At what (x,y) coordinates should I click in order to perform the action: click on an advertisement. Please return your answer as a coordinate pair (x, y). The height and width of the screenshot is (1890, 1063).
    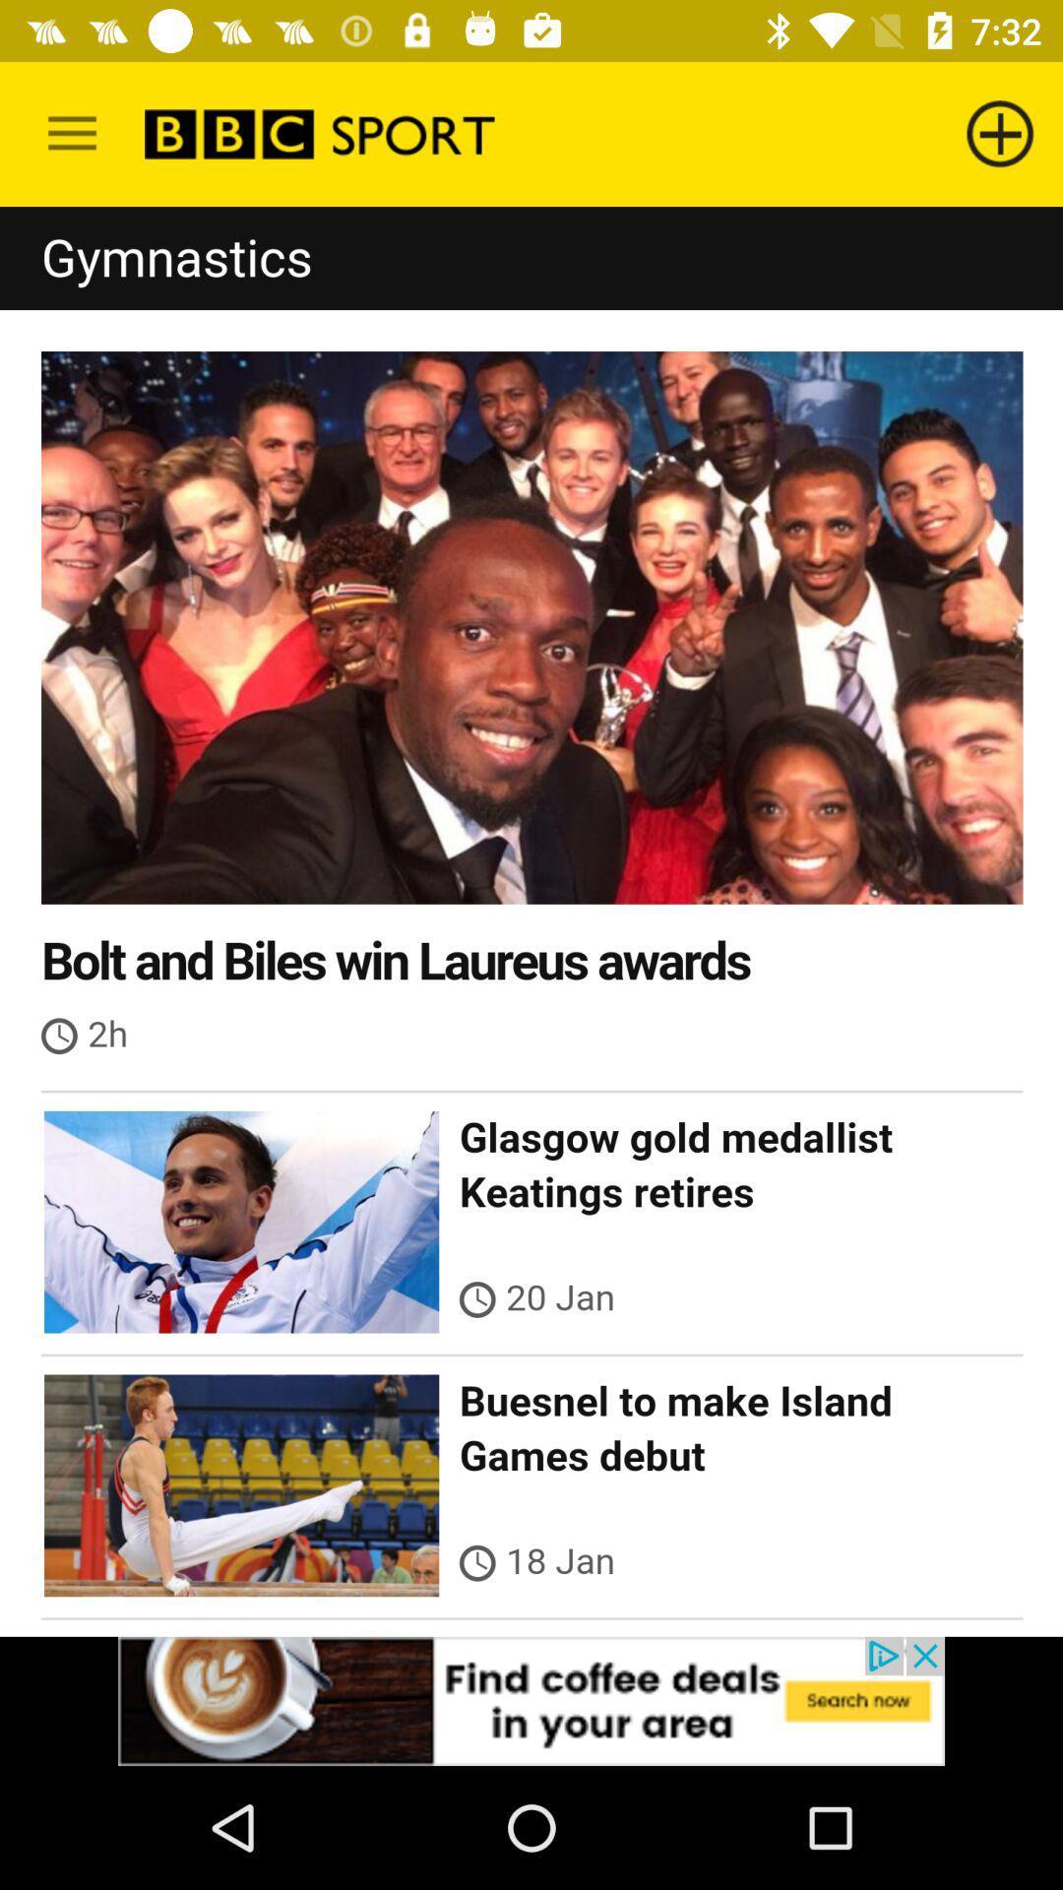
    Looking at the image, I should click on (531, 1700).